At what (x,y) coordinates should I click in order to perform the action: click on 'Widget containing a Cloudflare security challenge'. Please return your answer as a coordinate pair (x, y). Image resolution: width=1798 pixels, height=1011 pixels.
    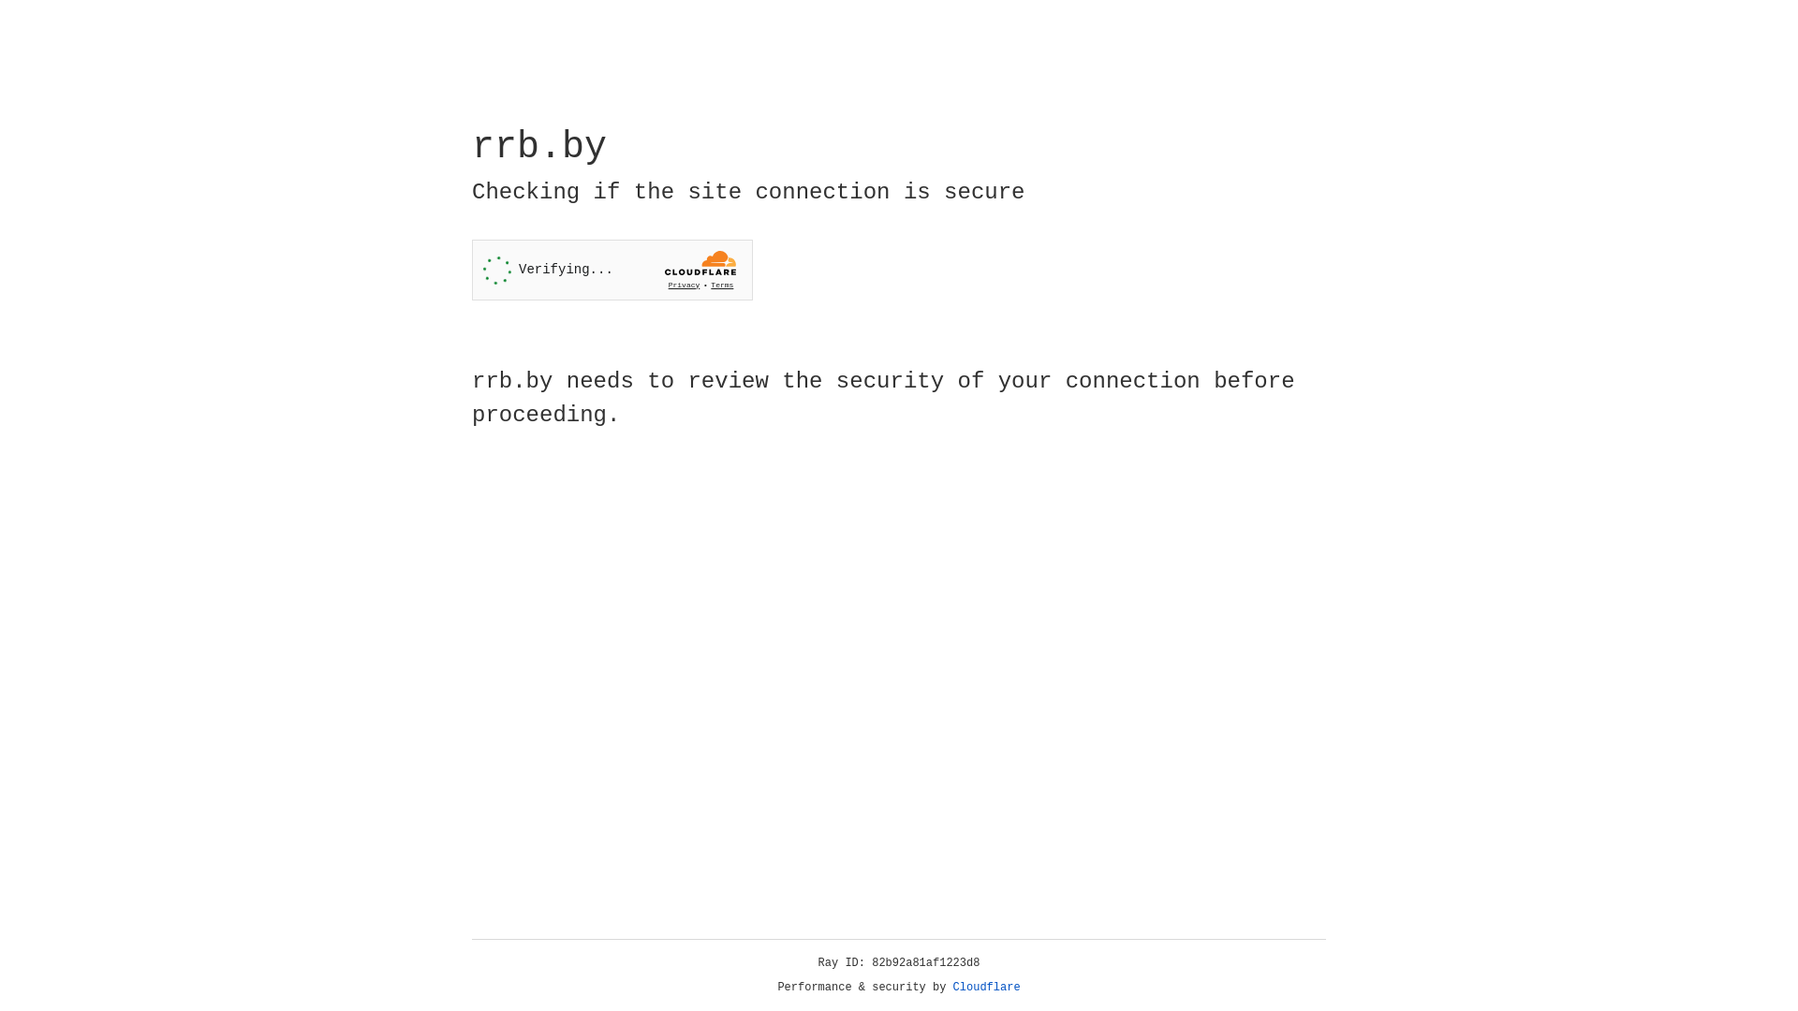
    Looking at the image, I should click on (612, 270).